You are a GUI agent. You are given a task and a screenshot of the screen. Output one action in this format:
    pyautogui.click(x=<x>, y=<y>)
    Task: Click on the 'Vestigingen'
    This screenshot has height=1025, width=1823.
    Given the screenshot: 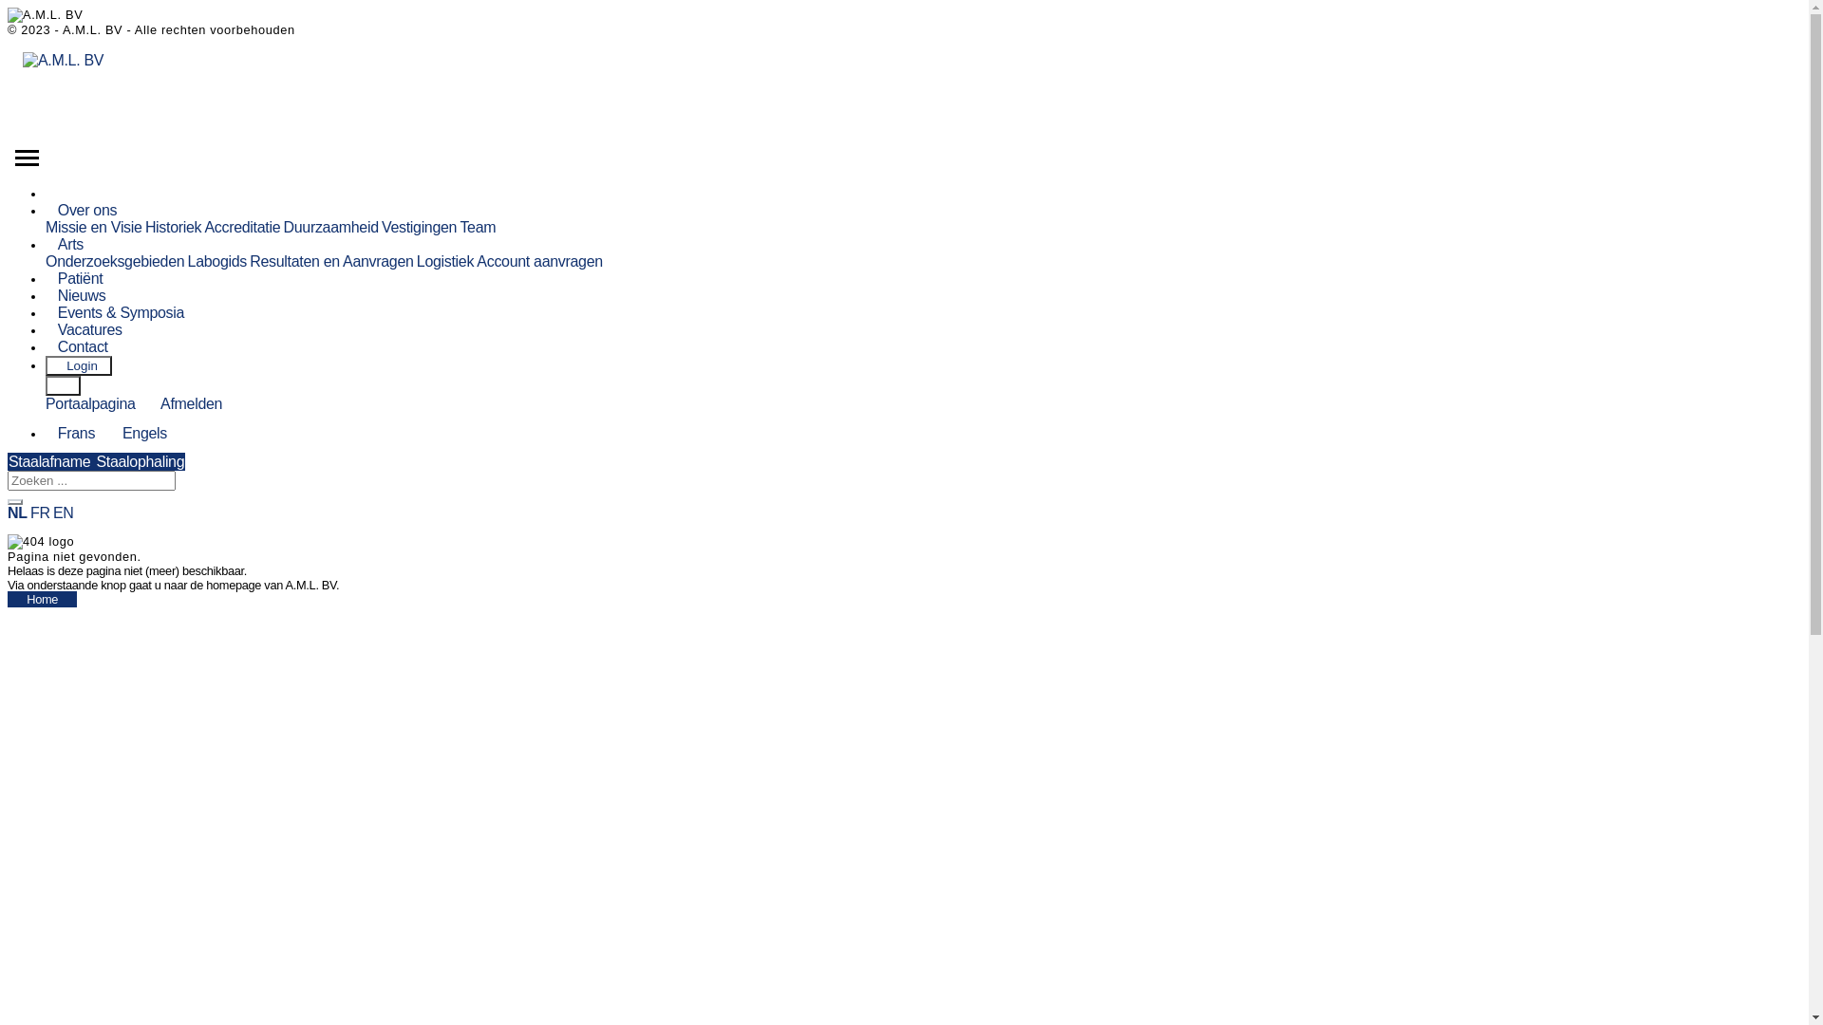 What is the action you would take?
    pyautogui.click(x=418, y=226)
    